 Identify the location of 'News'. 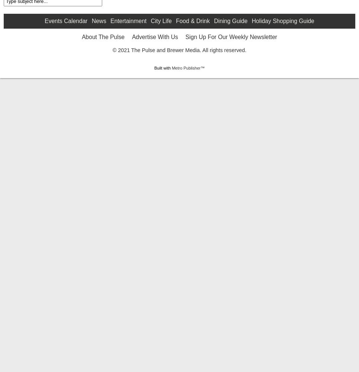
(98, 79).